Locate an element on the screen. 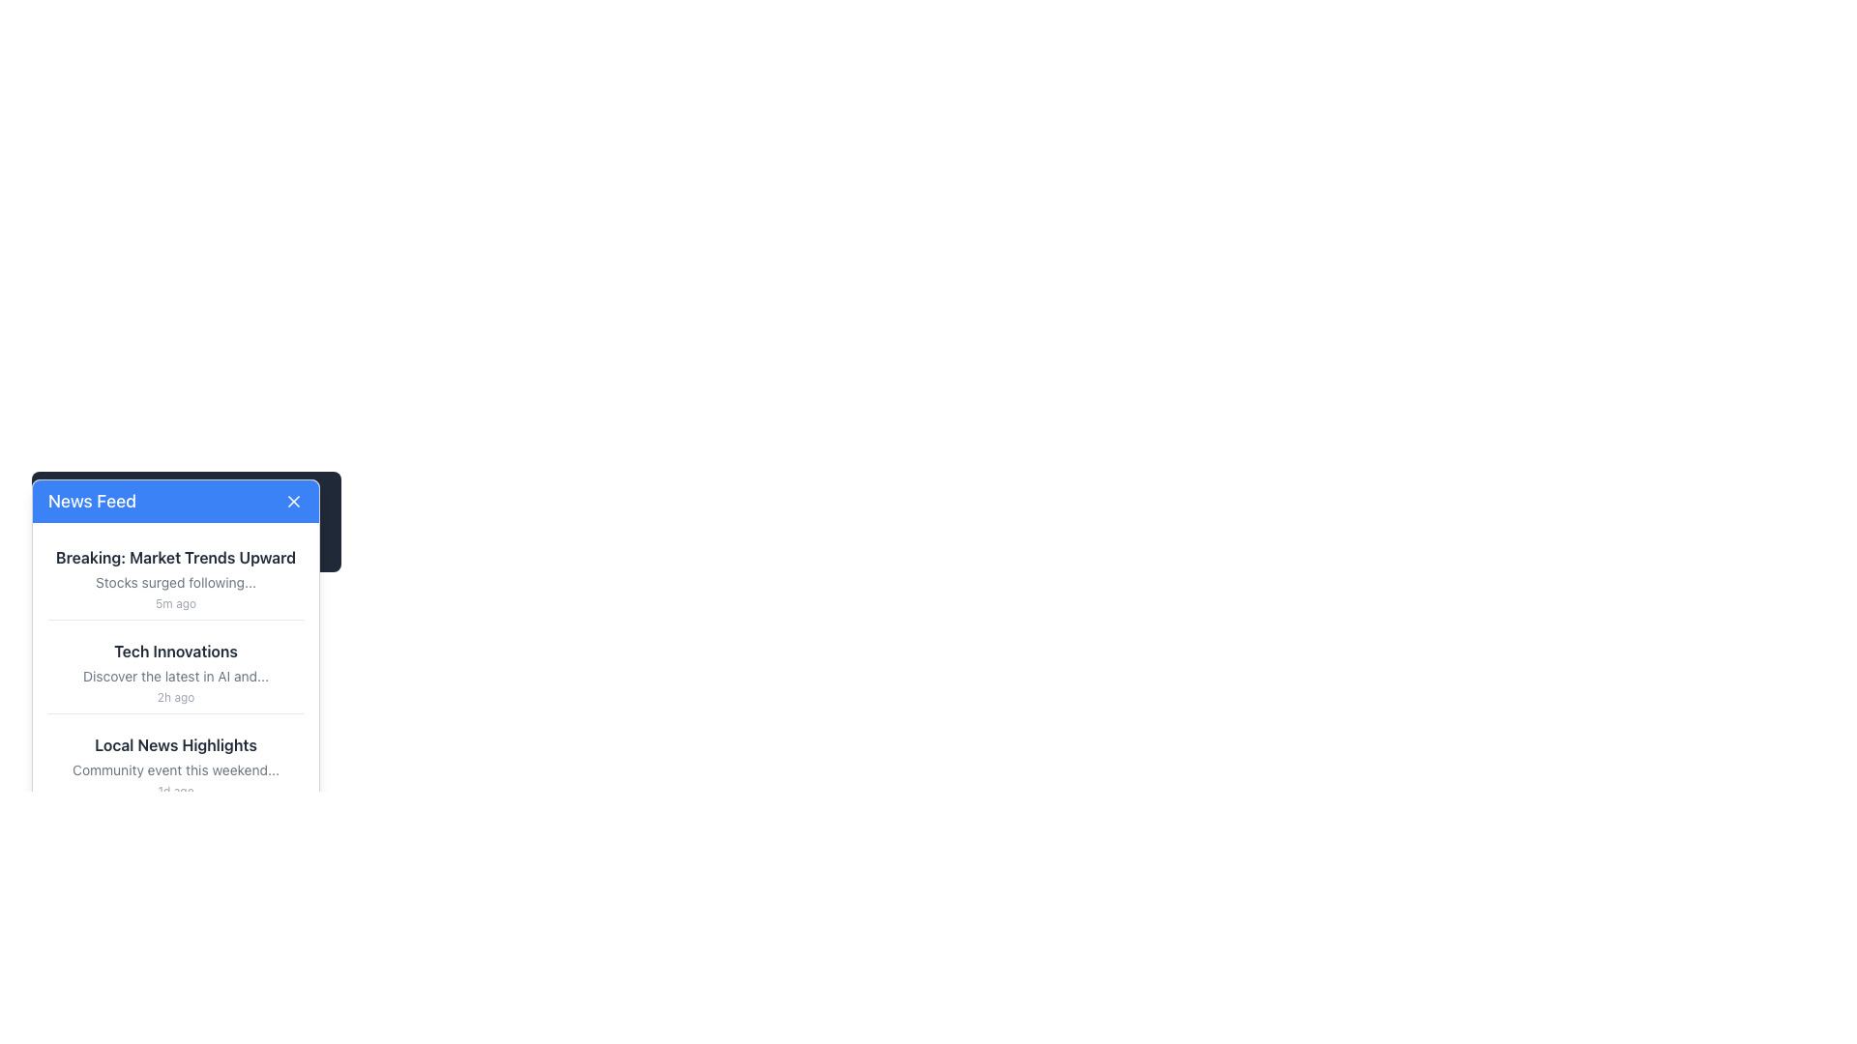 This screenshot has width=1857, height=1044. the 'X' button on the header bar of the news feed section is located at coordinates (186, 522).